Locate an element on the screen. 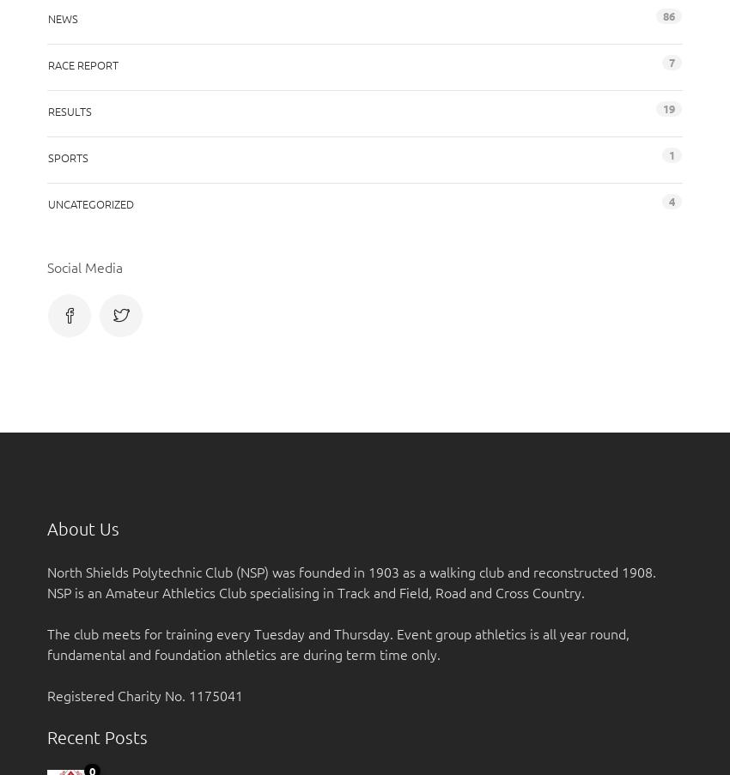 This screenshot has width=730, height=775. 'The club meets for training every Tuesday and Thursday. Event group athletics is all year round, fundamental and foundation athletics are during term time only.' is located at coordinates (338, 643).